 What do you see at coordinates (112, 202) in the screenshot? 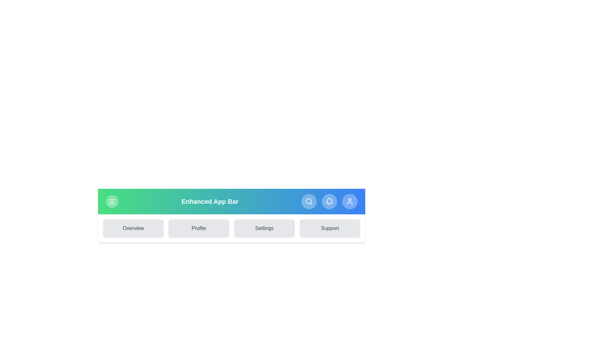
I see `the menu button to toggle the menu visibility` at bounding box center [112, 202].